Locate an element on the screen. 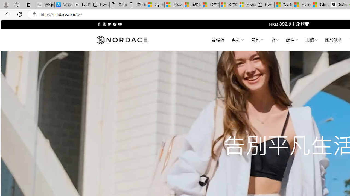 The height and width of the screenshot is (196, 350). 'Follow on Pinterest' is located at coordinates (114, 24).